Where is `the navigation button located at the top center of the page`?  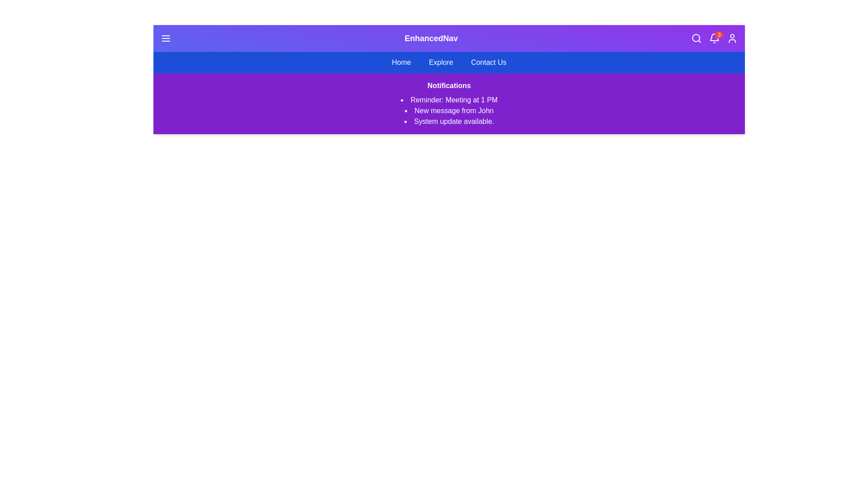 the navigation button located at the top center of the page is located at coordinates (401, 62).